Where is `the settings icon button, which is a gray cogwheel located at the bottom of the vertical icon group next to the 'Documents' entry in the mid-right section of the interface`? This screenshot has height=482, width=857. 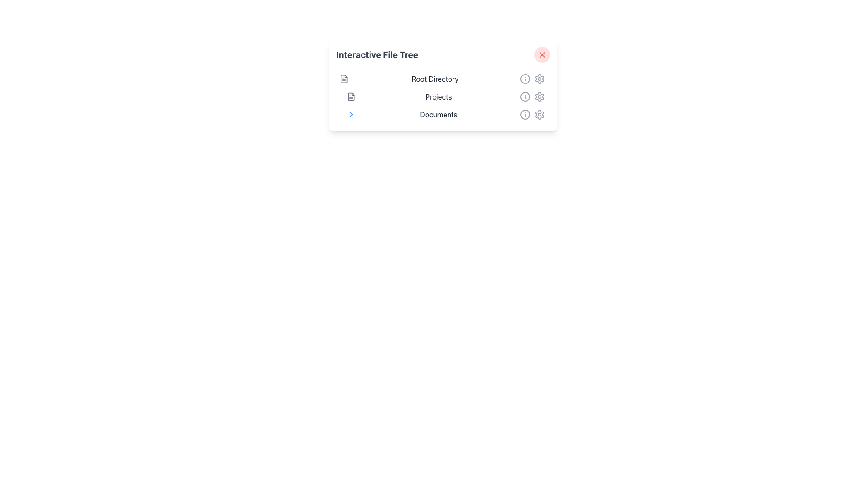
the settings icon button, which is a gray cogwheel located at the bottom of the vertical icon group next to the 'Documents' entry in the mid-right section of the interface is located at coordinates (539, 114).